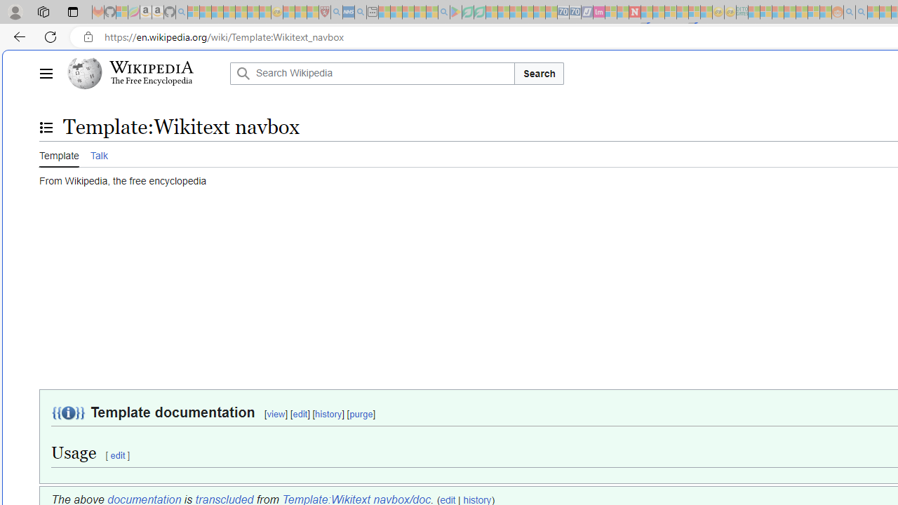 This screenshot has height=505, width=898. Describe the element at coordinates (361, 414) in the screenshot. I see `'purge'` at that location.